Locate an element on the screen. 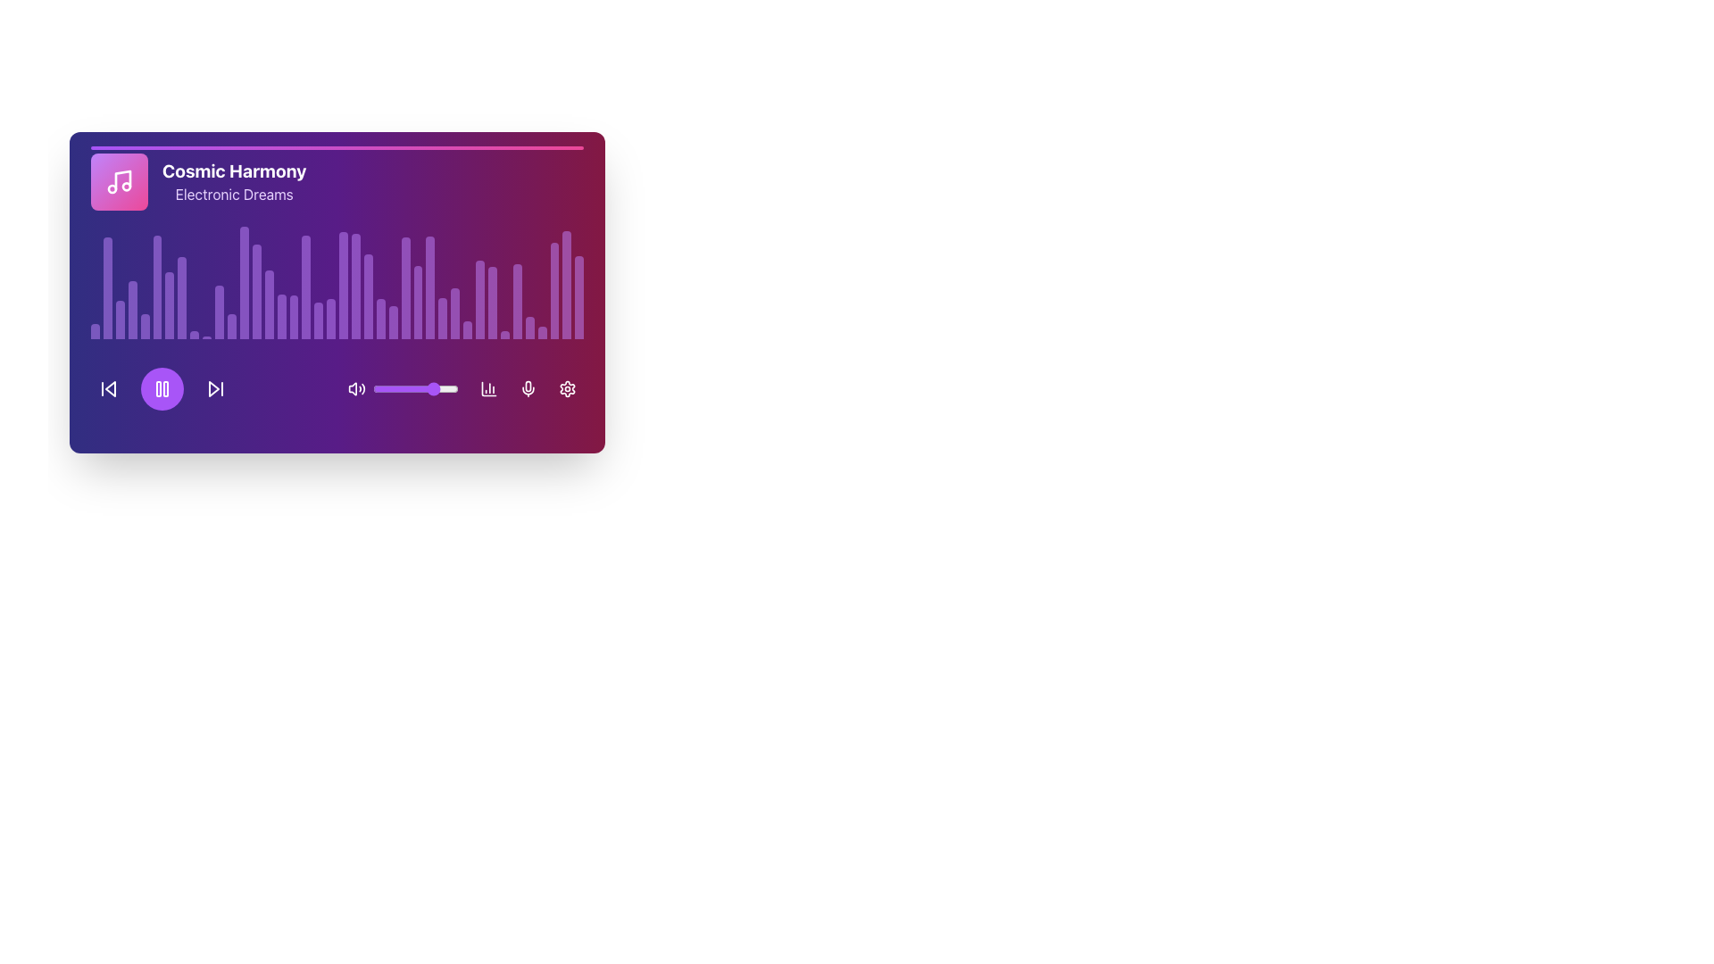  the icon representing the music album or playlist associated with 'Cosmic Harmony' and 'Electronic Dreams' is located at coordinates (119, 182).